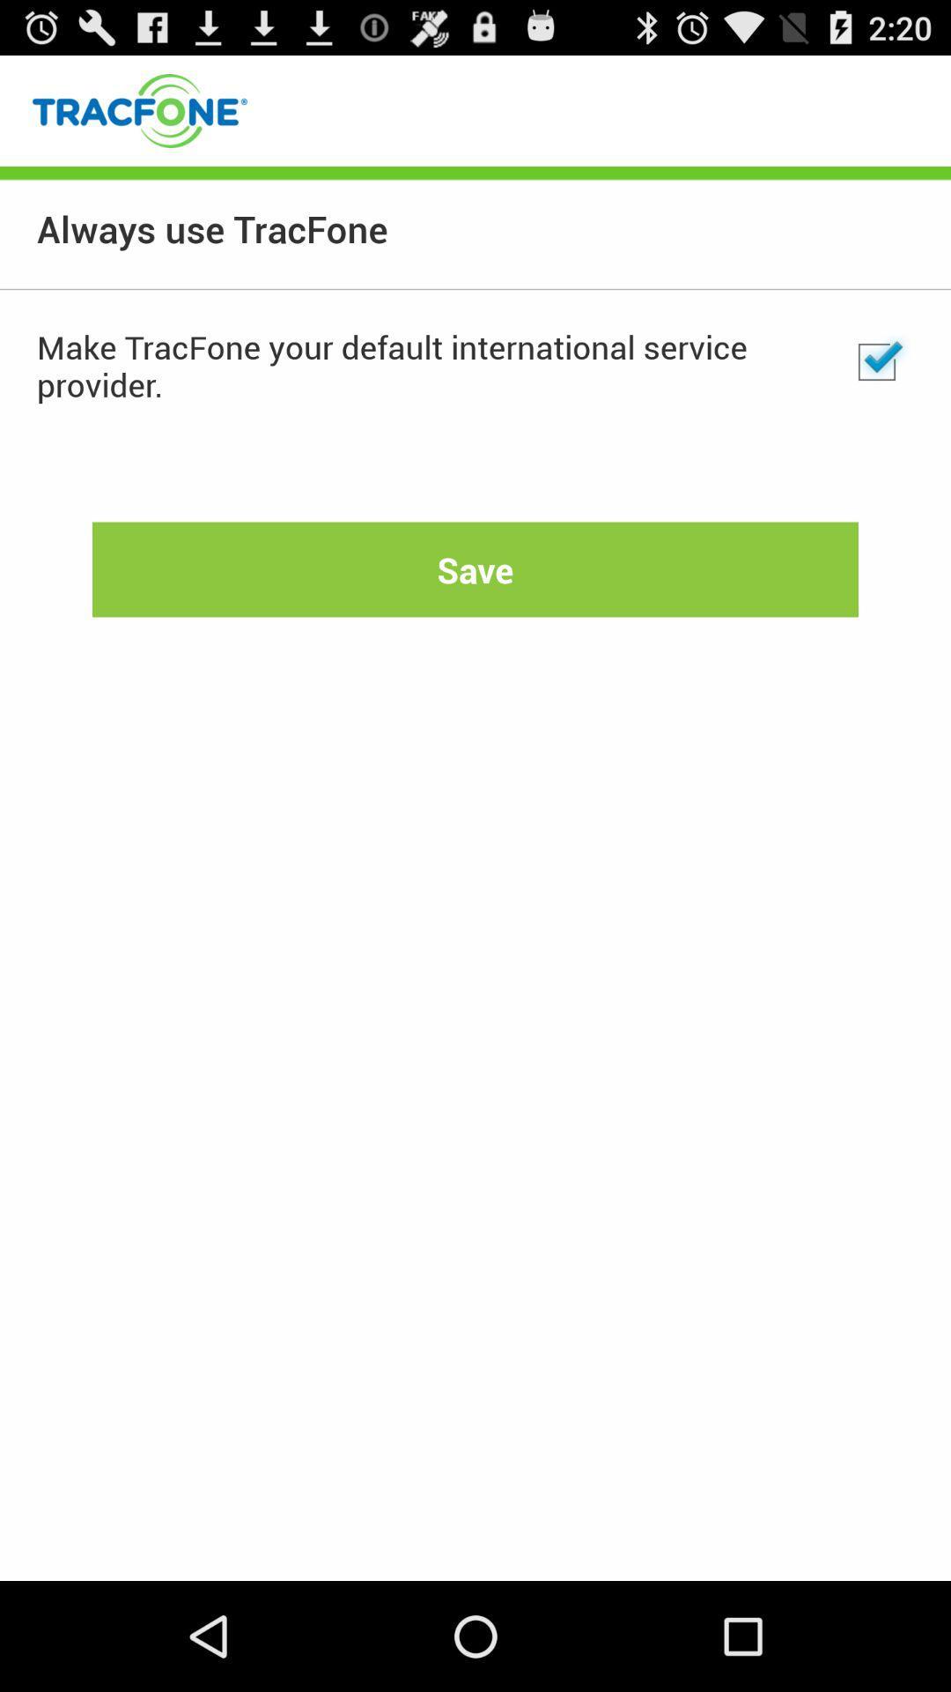  I want to click on save item, so click(475, 569).